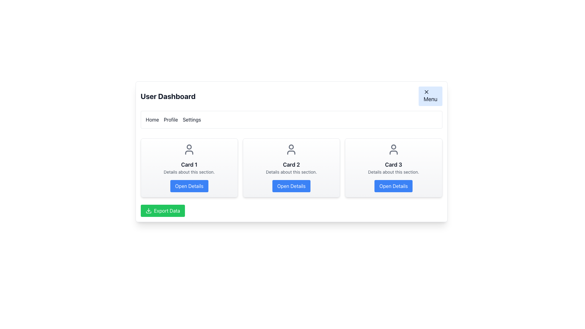 This screenshot has height=329, width=585. What do you see at coordinates (148, 212) in the screenshot?
I see `the curved line resembling a part of a downward arrow in the bottom left corner, above the label 'Export Data'` at bounding box center [148, 212].